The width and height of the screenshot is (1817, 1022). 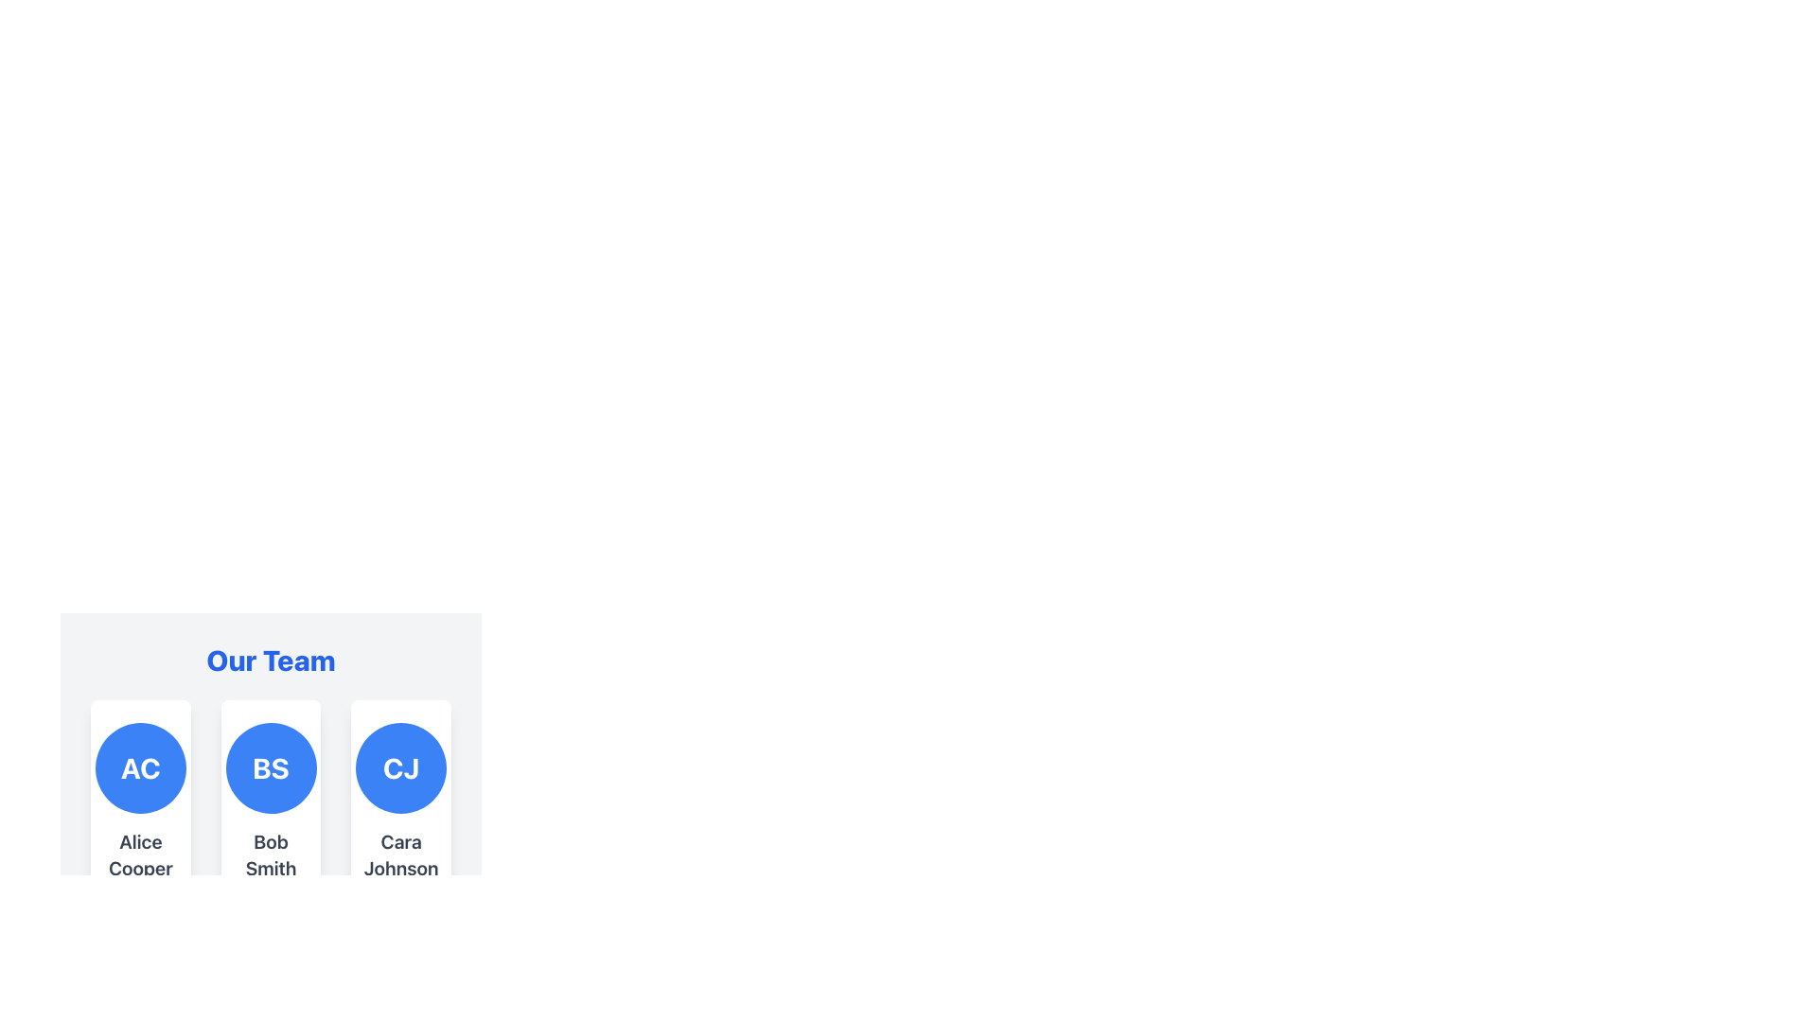 What do you see at coordinates (270, 768) in the screenshot?
I see `the circular badge representing 'Bob Smith' located in the 'Our Team' section` at bounding box center [270, 768].